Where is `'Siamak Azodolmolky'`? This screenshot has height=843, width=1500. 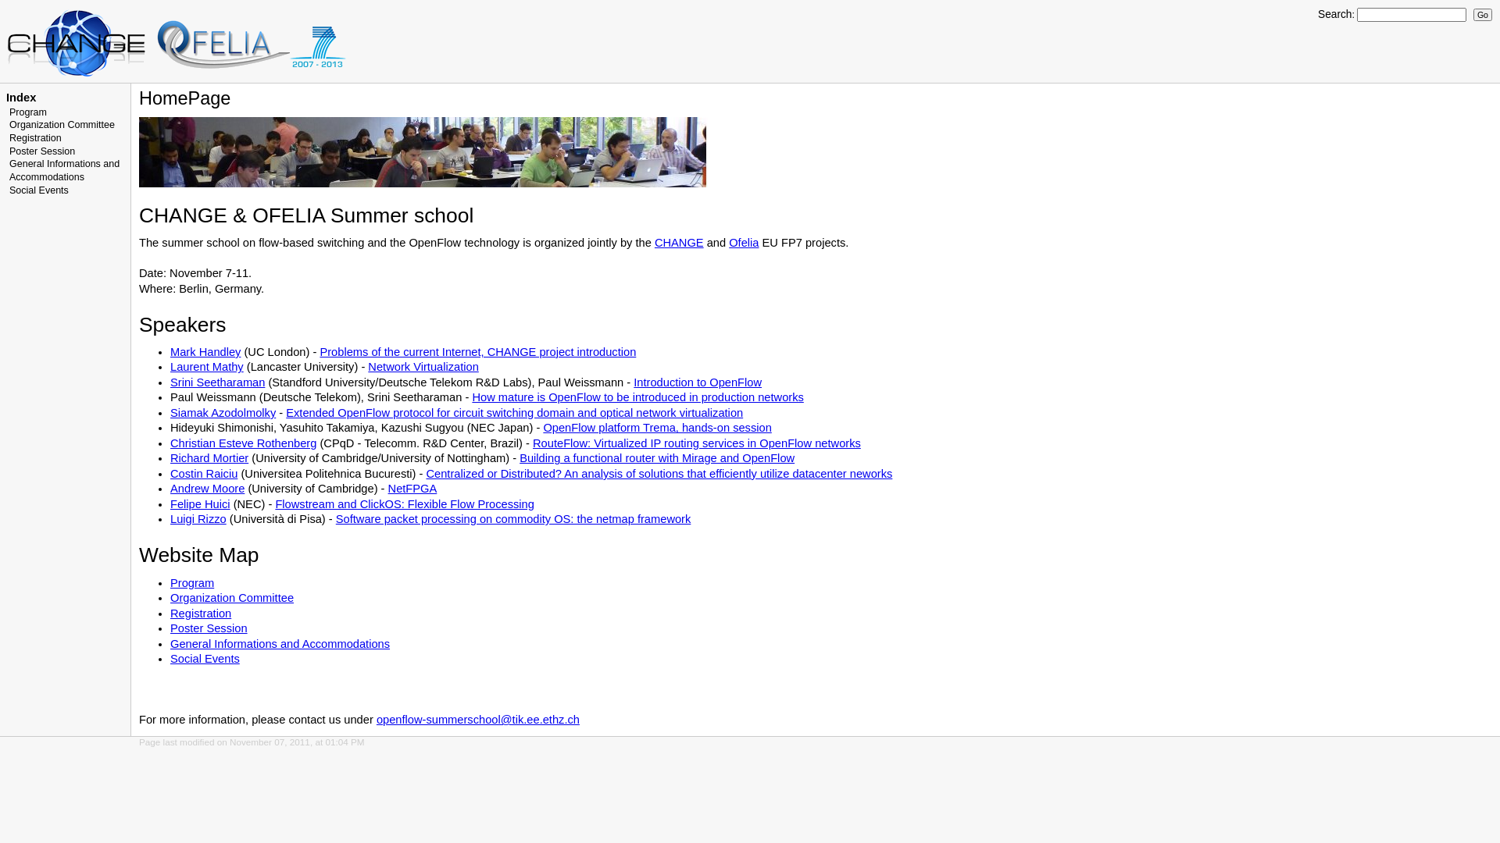
'Siamak Azodolmolky' is located at coordinates (222, 411).